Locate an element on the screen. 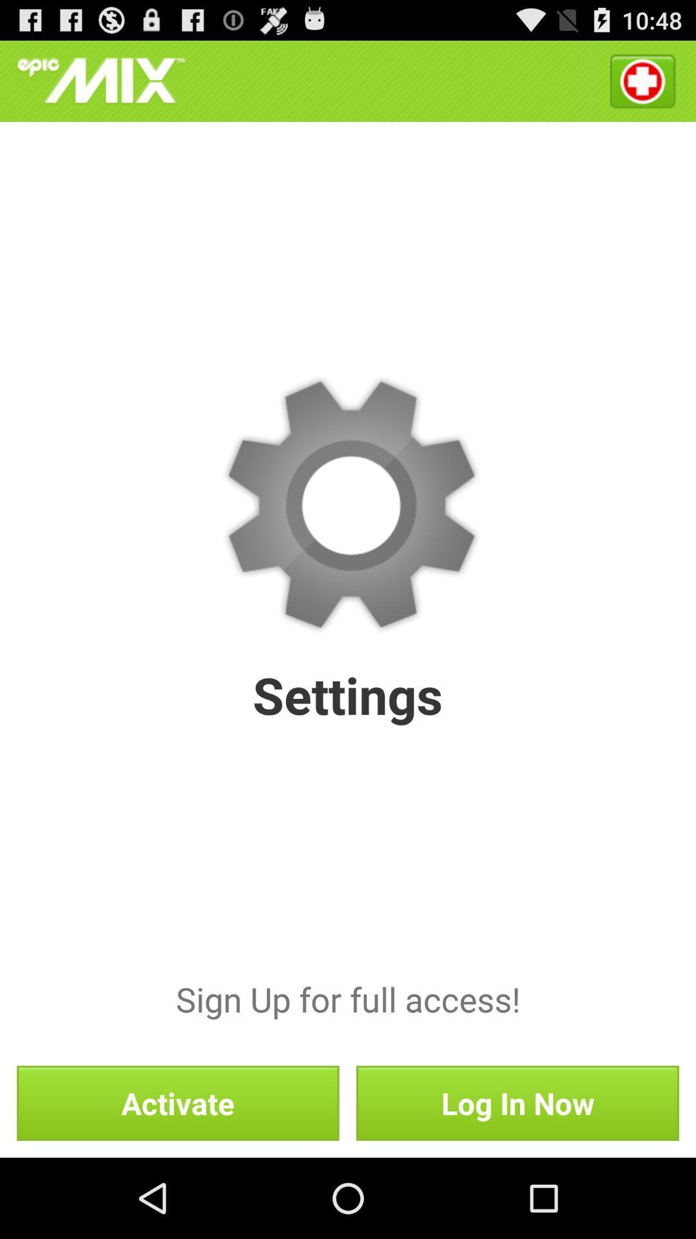  the activate is located at coordinates (178, 1102).